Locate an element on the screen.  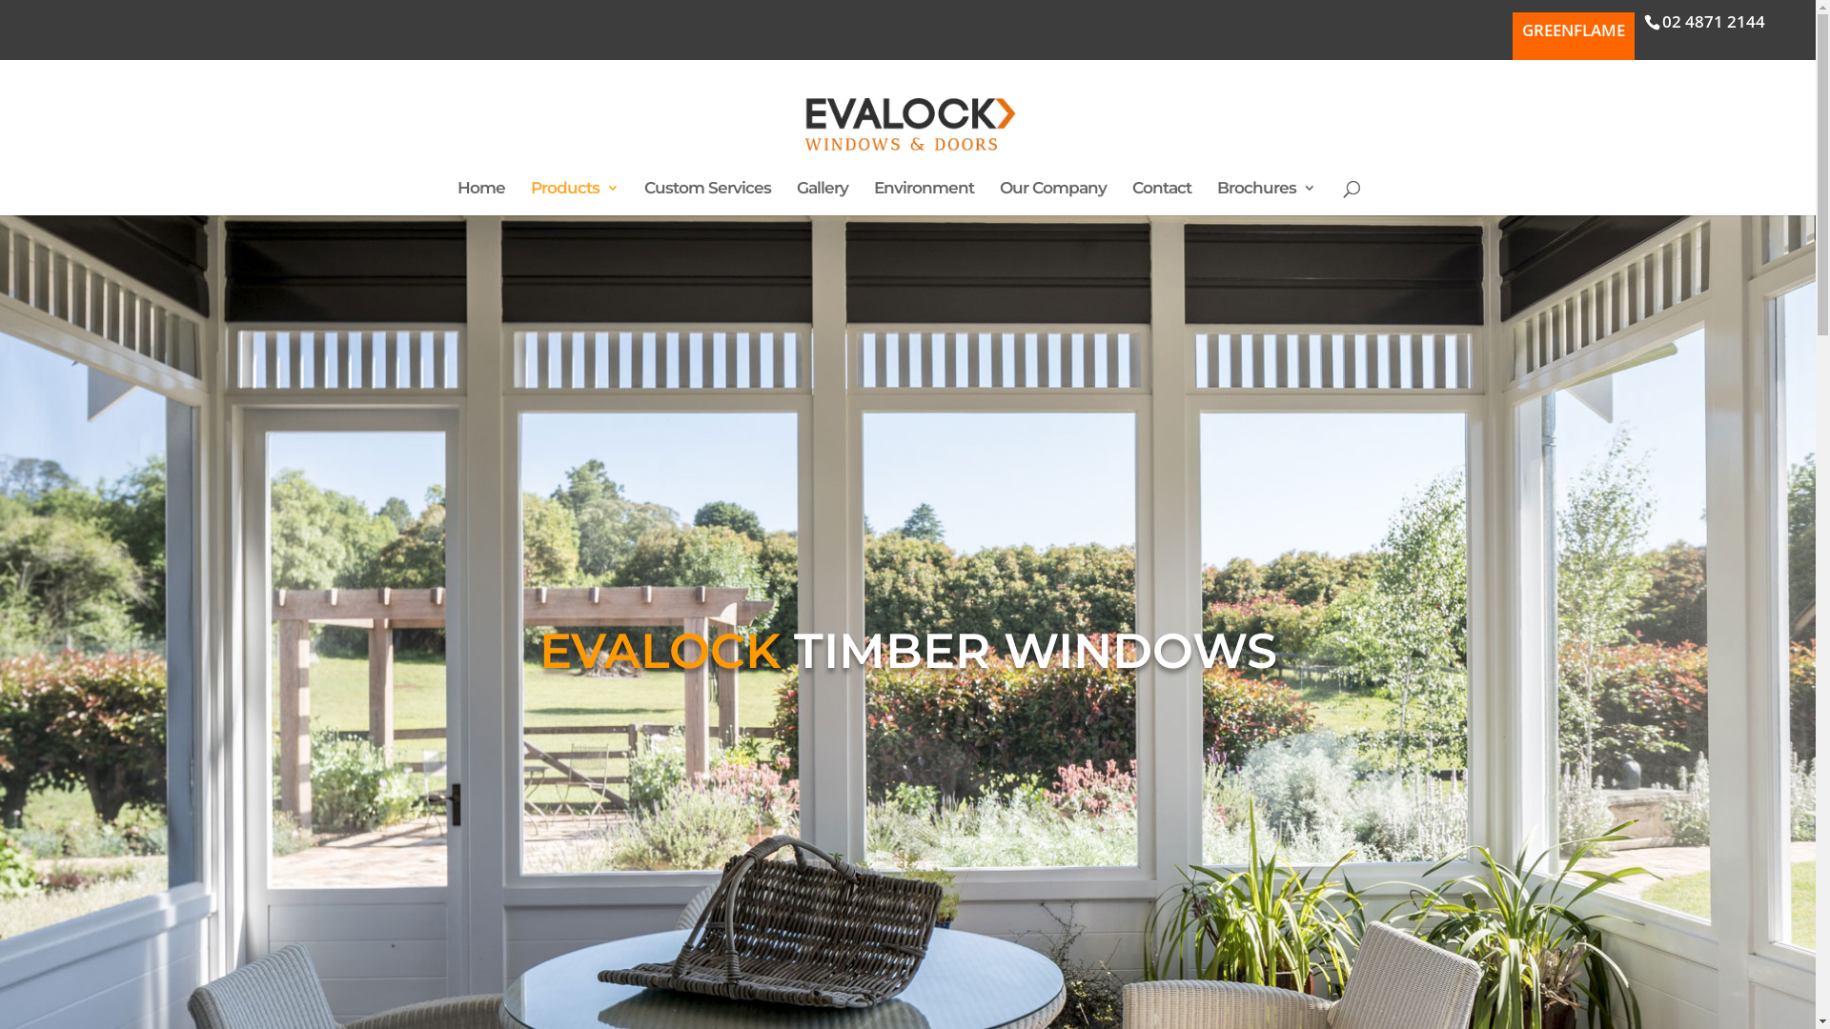
'Our Company' is located at coordinates (999, 198).